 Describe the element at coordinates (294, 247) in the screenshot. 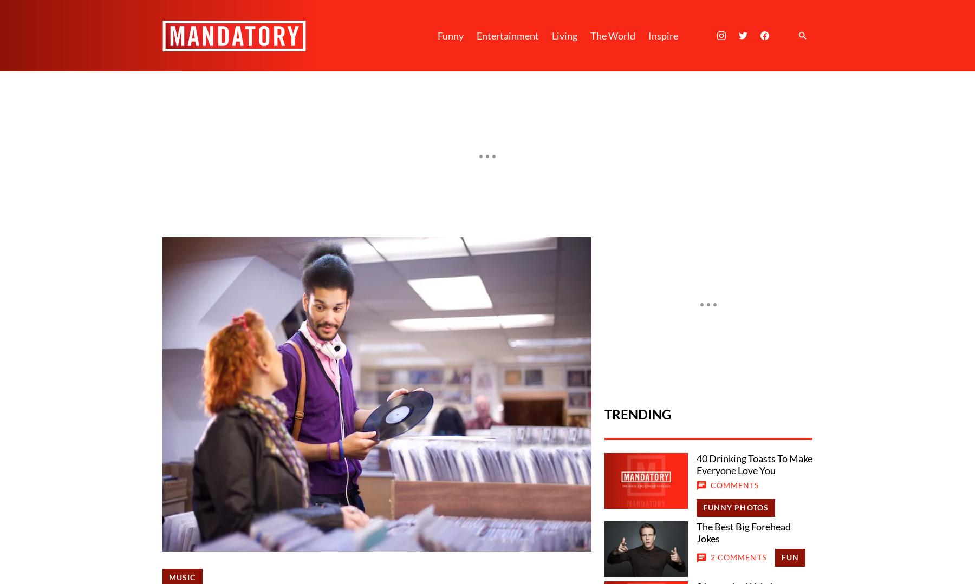

I see `','` at that location.